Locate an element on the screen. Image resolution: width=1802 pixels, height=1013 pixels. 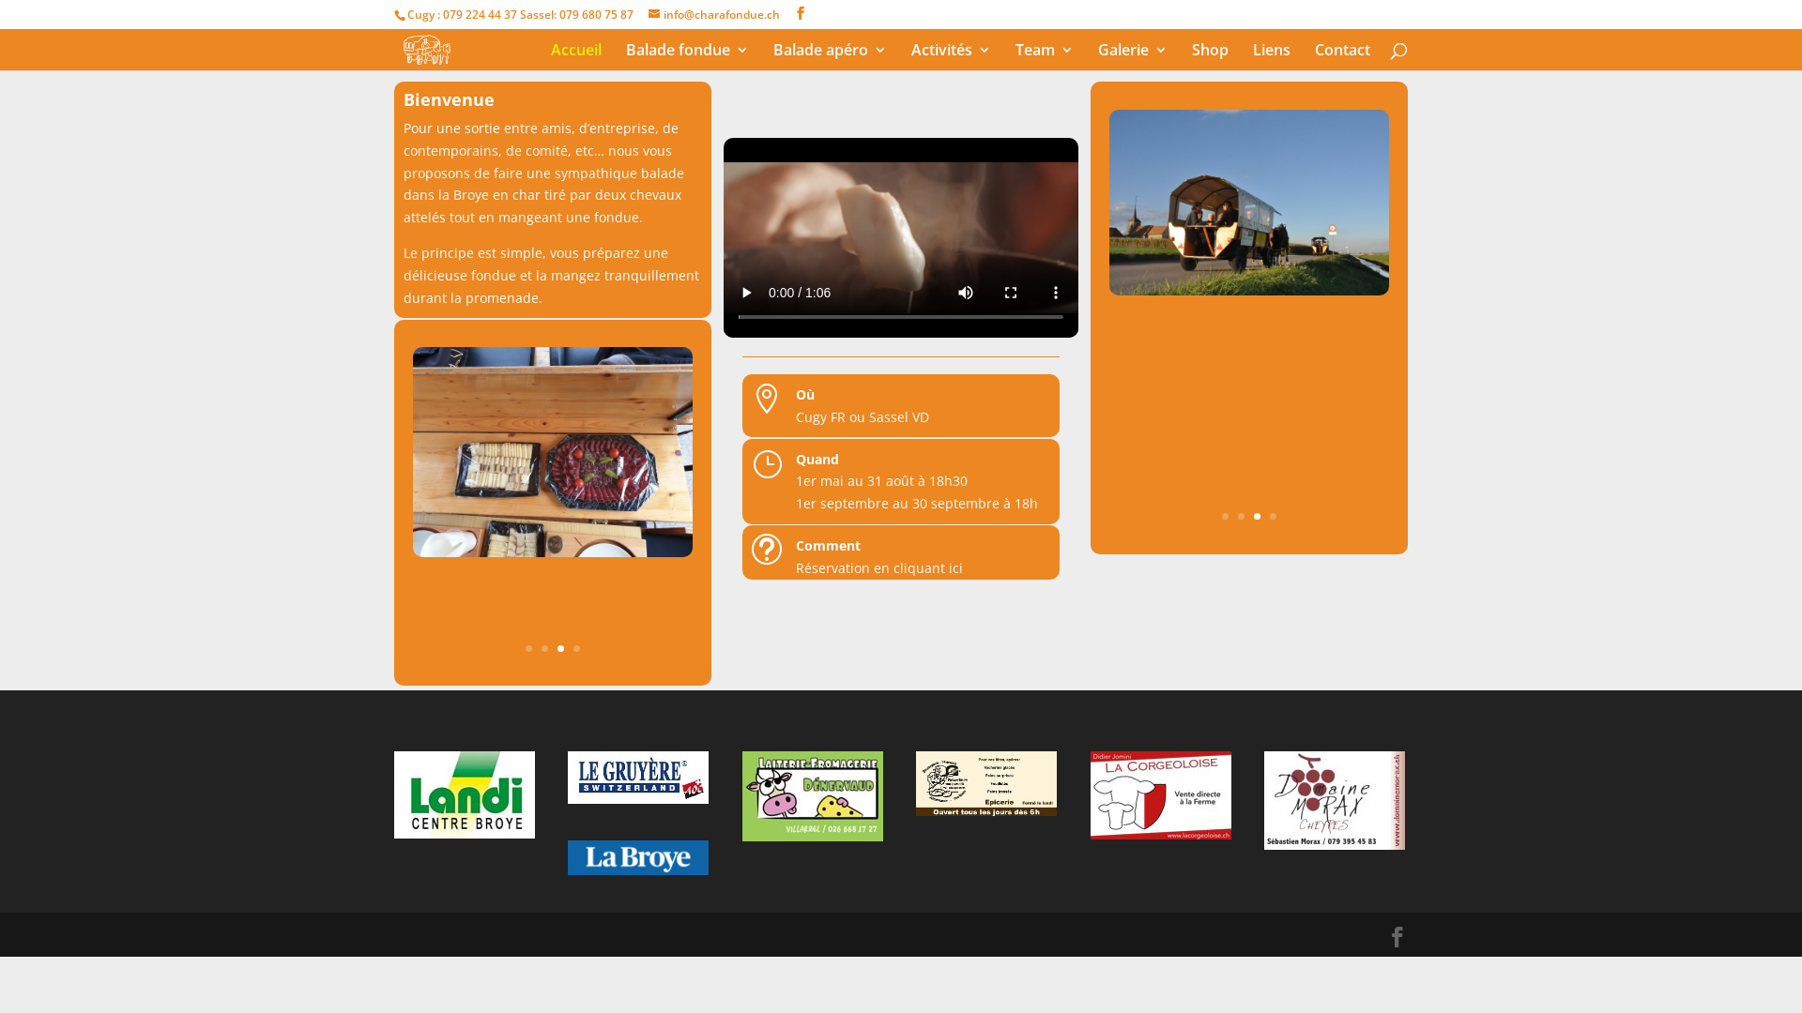
'3' is located at coordinates (1257, 516).